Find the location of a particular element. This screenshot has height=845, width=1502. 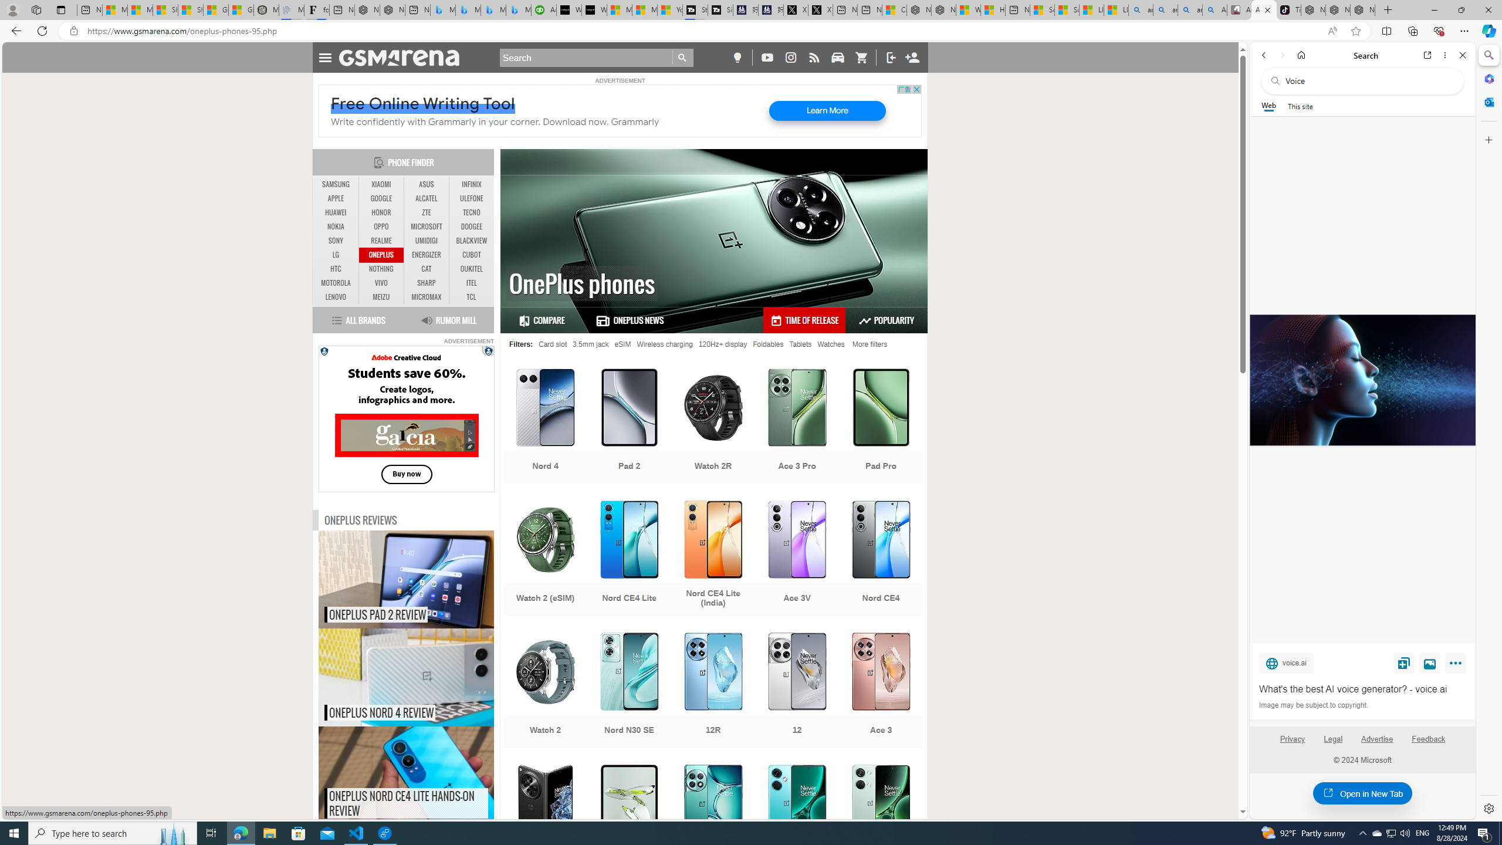

'MOTOROLA' is located at coordinates (336, 283).